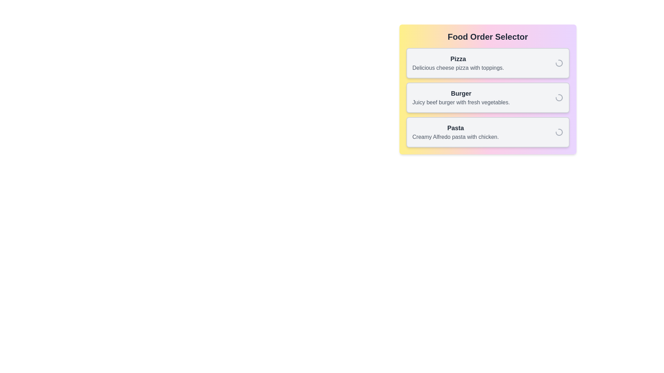  What do you see at coordinates (487, 97) in the screenshot?
I see `the food item Burger` at bounding box center [487, 97].